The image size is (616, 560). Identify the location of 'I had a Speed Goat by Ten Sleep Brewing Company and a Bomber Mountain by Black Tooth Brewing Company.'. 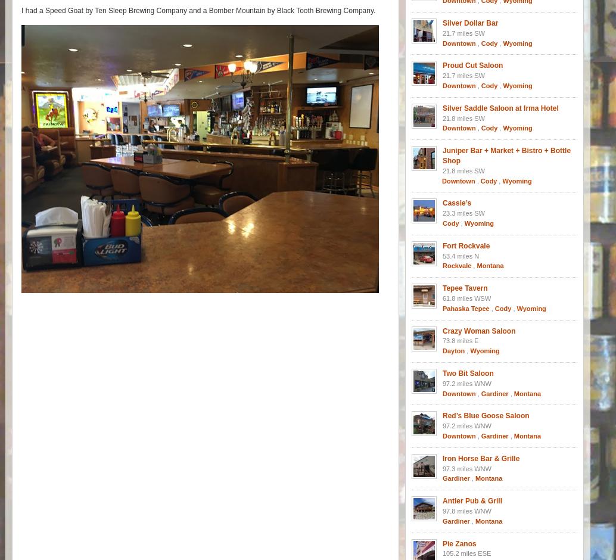
(198, 10).